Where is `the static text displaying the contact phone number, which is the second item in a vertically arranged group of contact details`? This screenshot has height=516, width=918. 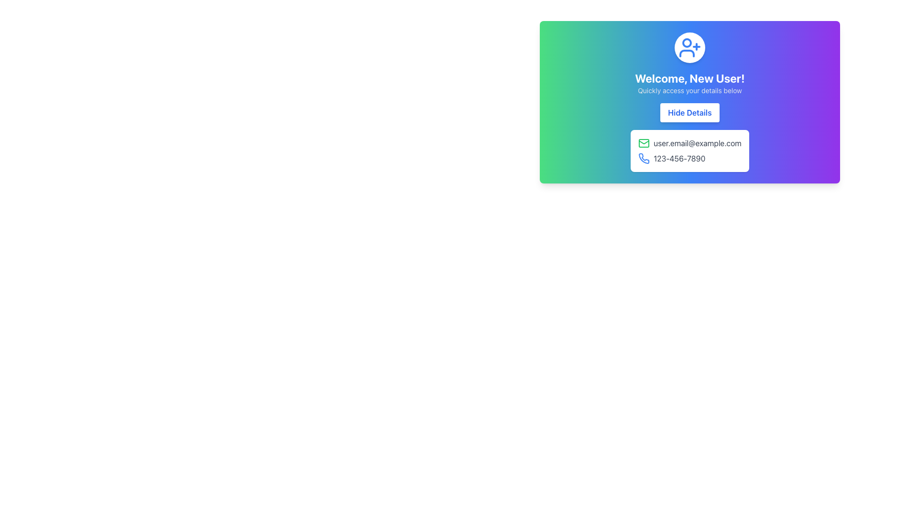
the static text displaying the contact phone number, which is the second item in a vertically arranged group of contact details is located at coordinates (690, 158).